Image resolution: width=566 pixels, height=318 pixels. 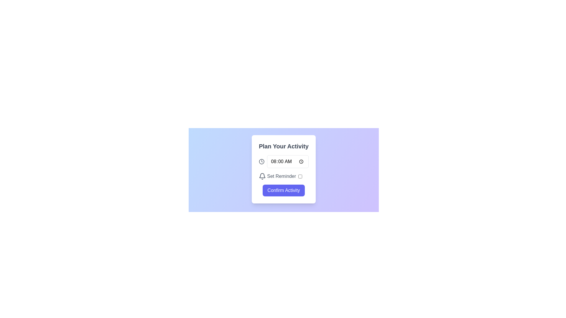 What do you see at coordinates (300, 176) in the screenshot?
I see `the checkbox with a rounded border and white background located to the right of the 'Set Reminder' text` at bounding box center [300, 176].